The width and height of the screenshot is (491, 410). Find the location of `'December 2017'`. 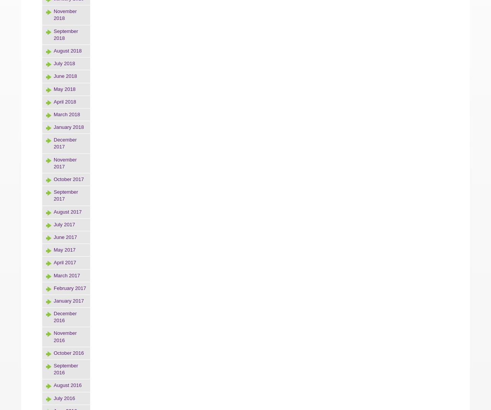

'December 2017' is located at coordinates (65, 143).